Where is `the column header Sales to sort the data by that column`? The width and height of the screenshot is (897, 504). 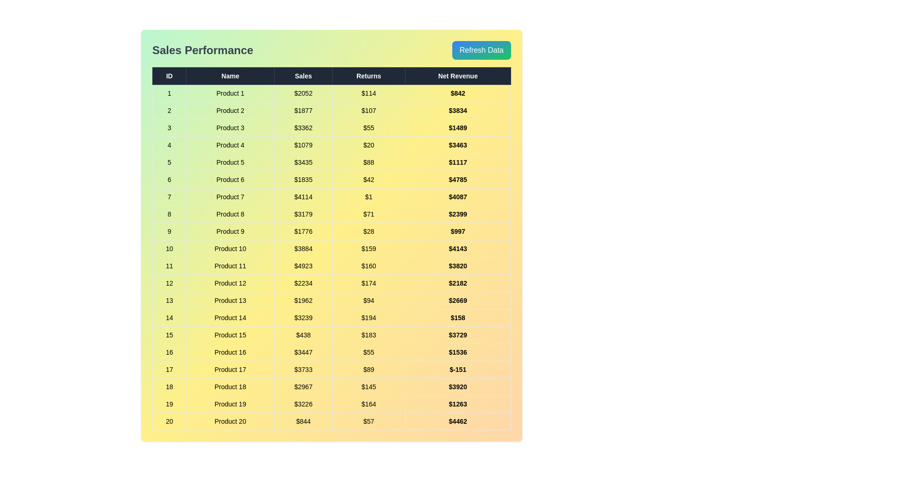 the column header Sales to sort the data by that column is located at coordinates (303, 75).